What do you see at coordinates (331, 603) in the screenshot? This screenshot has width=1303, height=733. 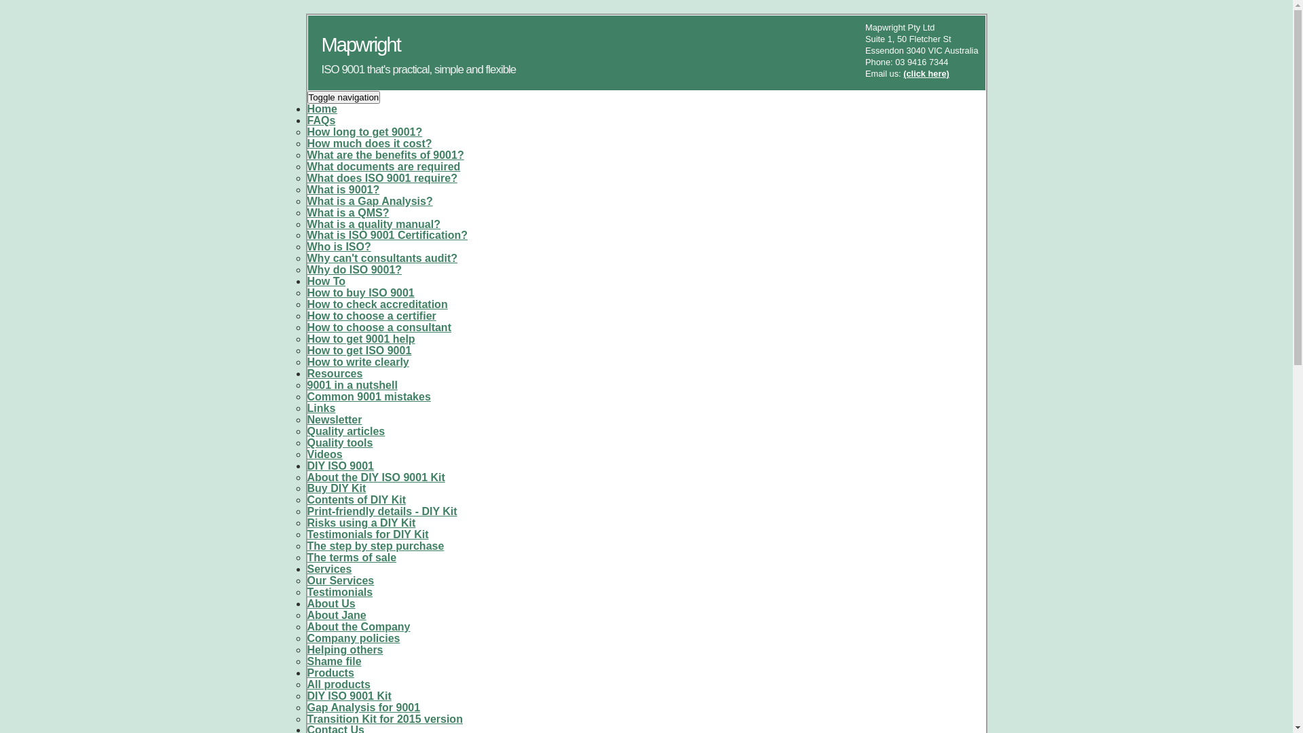 I see `'About Us'` at bounding box center [331, 603].